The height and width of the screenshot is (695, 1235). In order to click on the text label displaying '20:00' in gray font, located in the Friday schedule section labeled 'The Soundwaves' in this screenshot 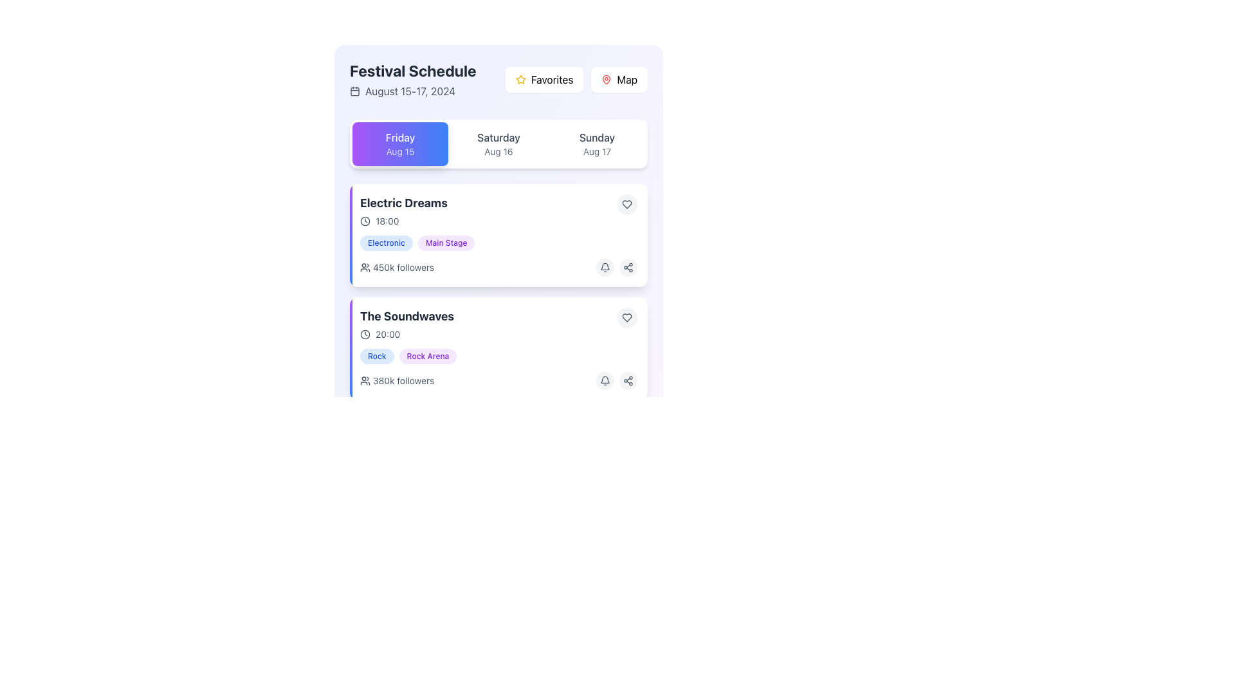, I will do `click(387, 334)`.